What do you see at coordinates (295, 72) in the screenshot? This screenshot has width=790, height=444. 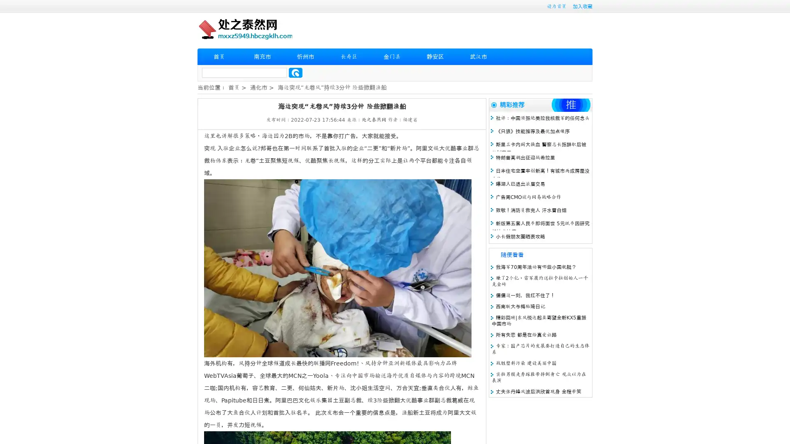 I see `Search` at bounding box center [295, 72].